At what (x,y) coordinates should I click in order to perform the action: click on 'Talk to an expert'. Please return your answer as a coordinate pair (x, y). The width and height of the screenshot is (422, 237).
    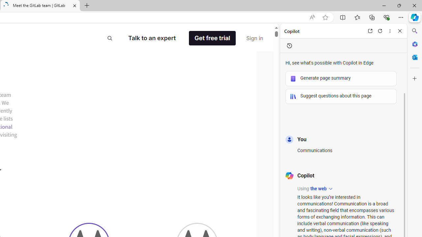
    Looking at the image, I should click on (152, 38).